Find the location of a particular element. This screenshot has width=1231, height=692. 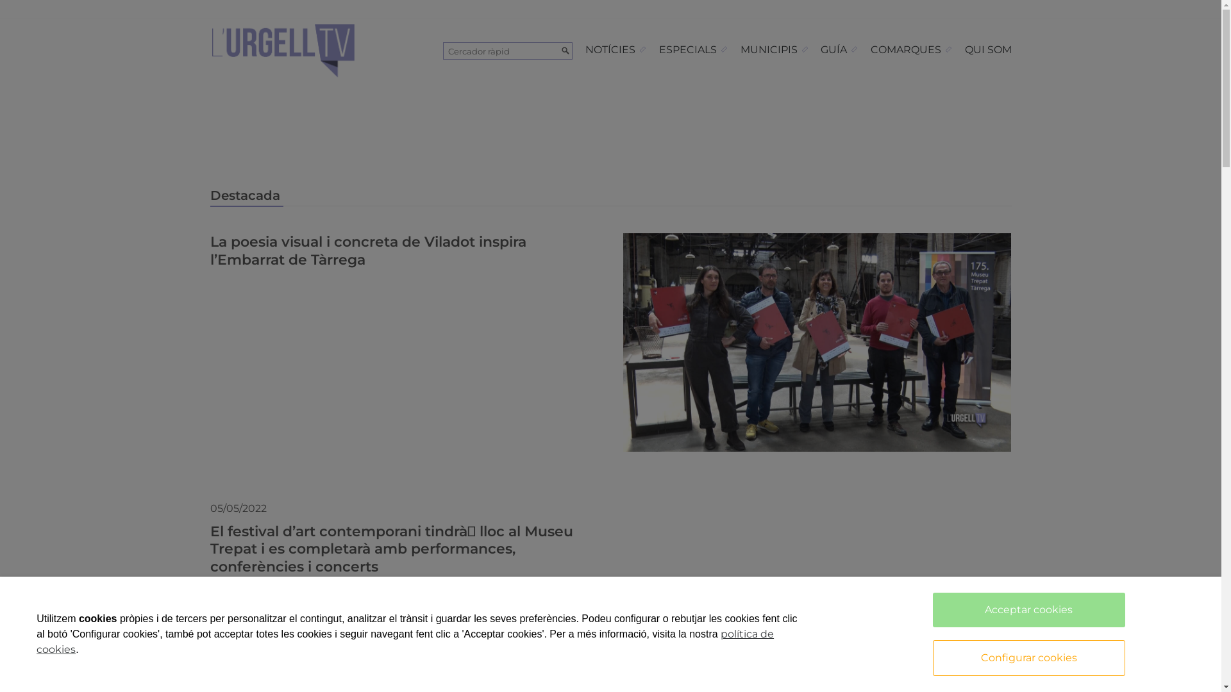

'MUNICIPIS' is located at coordinates (774, 49).